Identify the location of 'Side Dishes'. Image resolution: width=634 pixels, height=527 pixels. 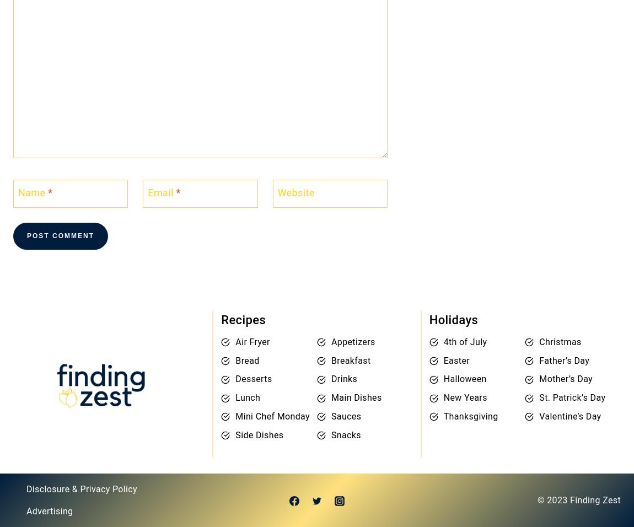
(259, 434).